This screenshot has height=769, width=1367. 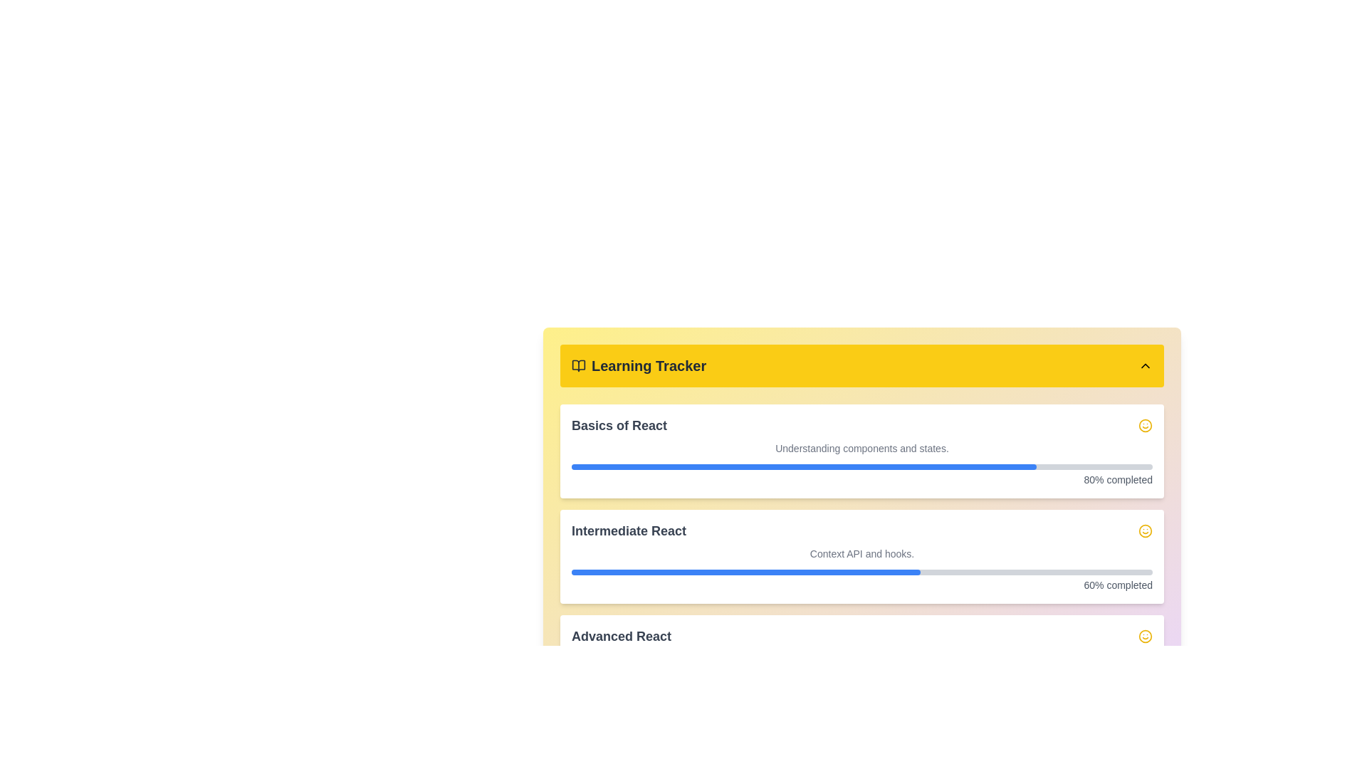 I want to click on the descriptive text element located below the 'Basics of React' heading, which aligns with the progress bar in its card section, so click(x=861, y=447).